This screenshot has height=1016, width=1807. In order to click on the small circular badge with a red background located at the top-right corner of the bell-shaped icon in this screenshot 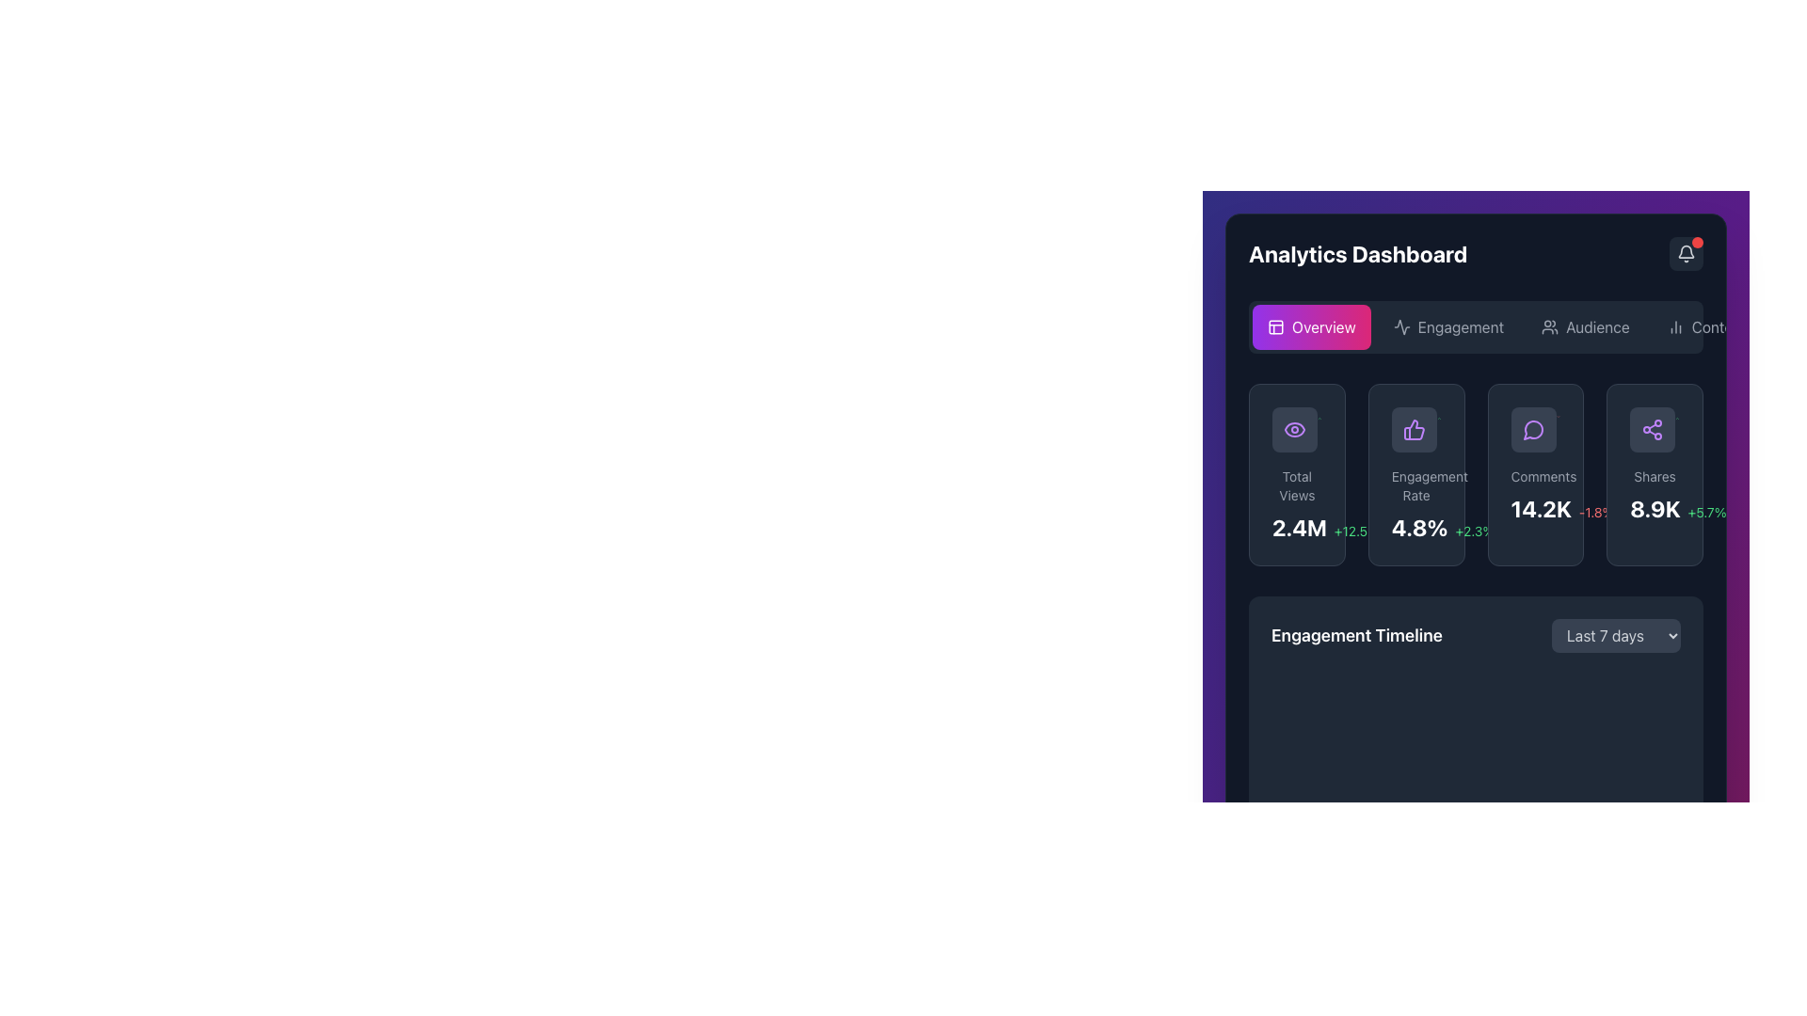, I will do `click(1698, 242)`.